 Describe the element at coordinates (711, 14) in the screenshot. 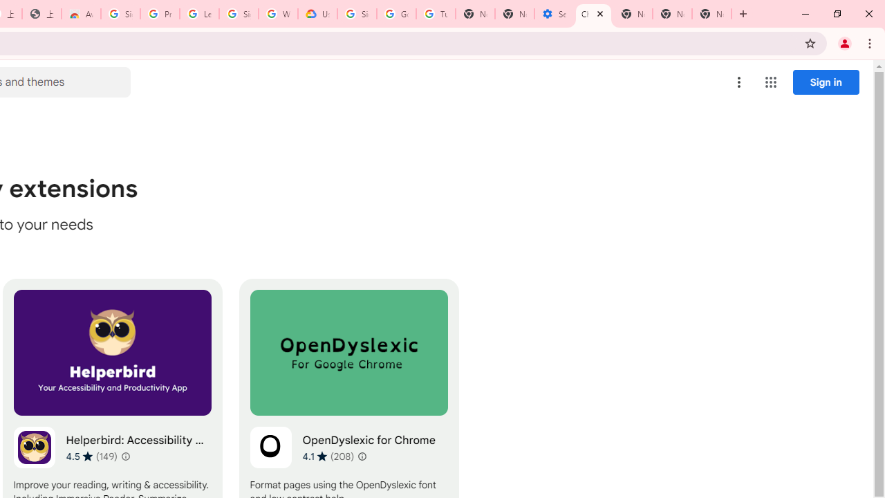

I see `'New Tab'` at that location.